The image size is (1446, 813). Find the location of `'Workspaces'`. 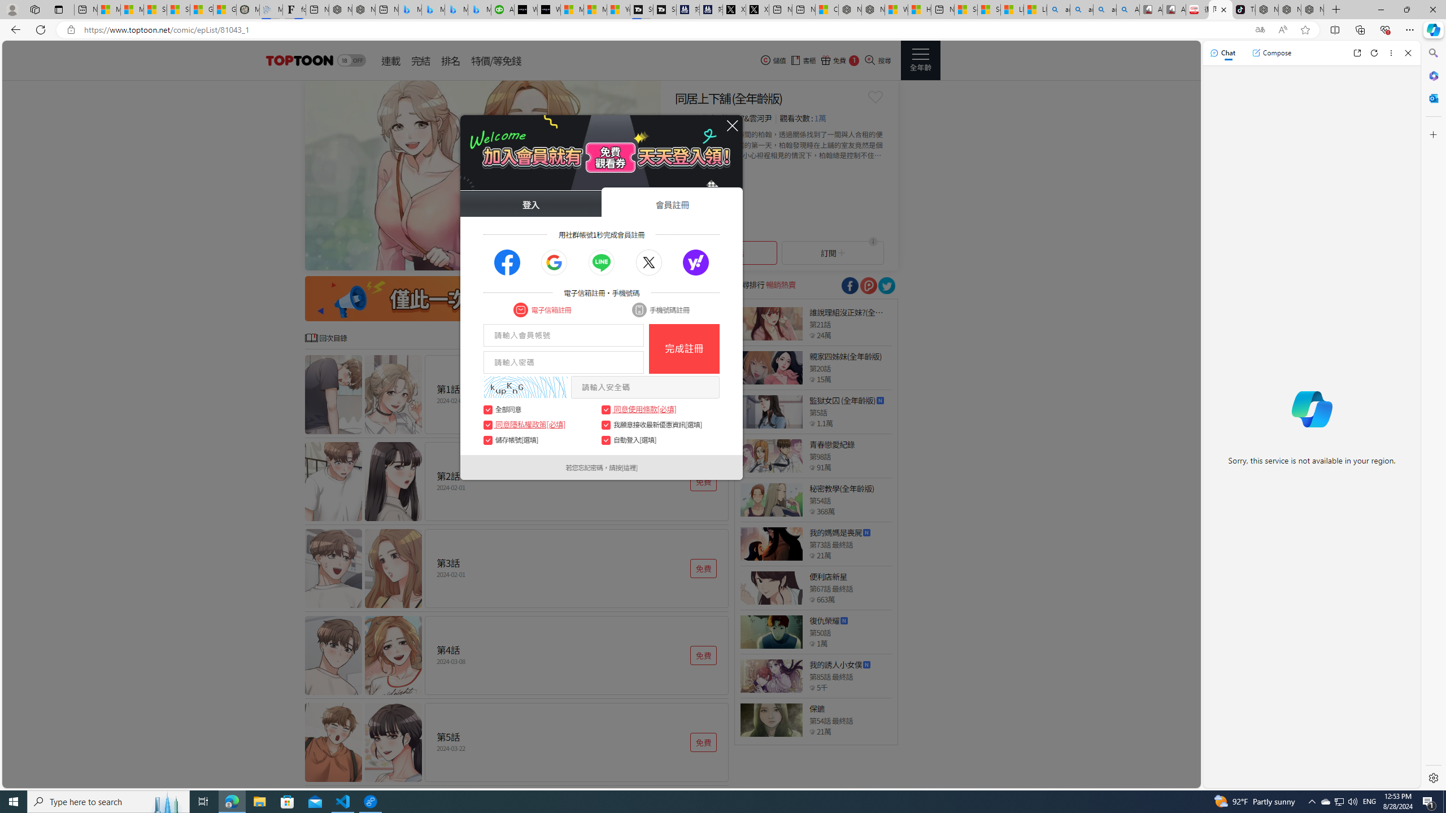

'Workspaces' is located at coordinates (34, 9).